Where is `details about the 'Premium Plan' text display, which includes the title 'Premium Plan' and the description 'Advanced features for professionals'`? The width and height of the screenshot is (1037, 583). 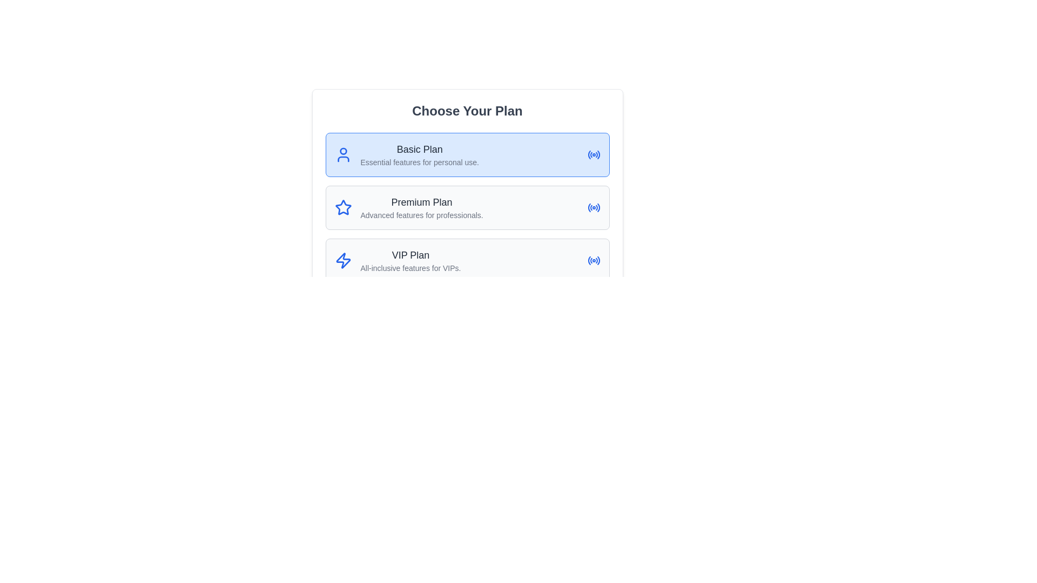 details about the 'Premium Plan' text display, which includes the title 'Premium Plan' and the description 'Advanced features for professionals' is located at coordinates (421, 208).